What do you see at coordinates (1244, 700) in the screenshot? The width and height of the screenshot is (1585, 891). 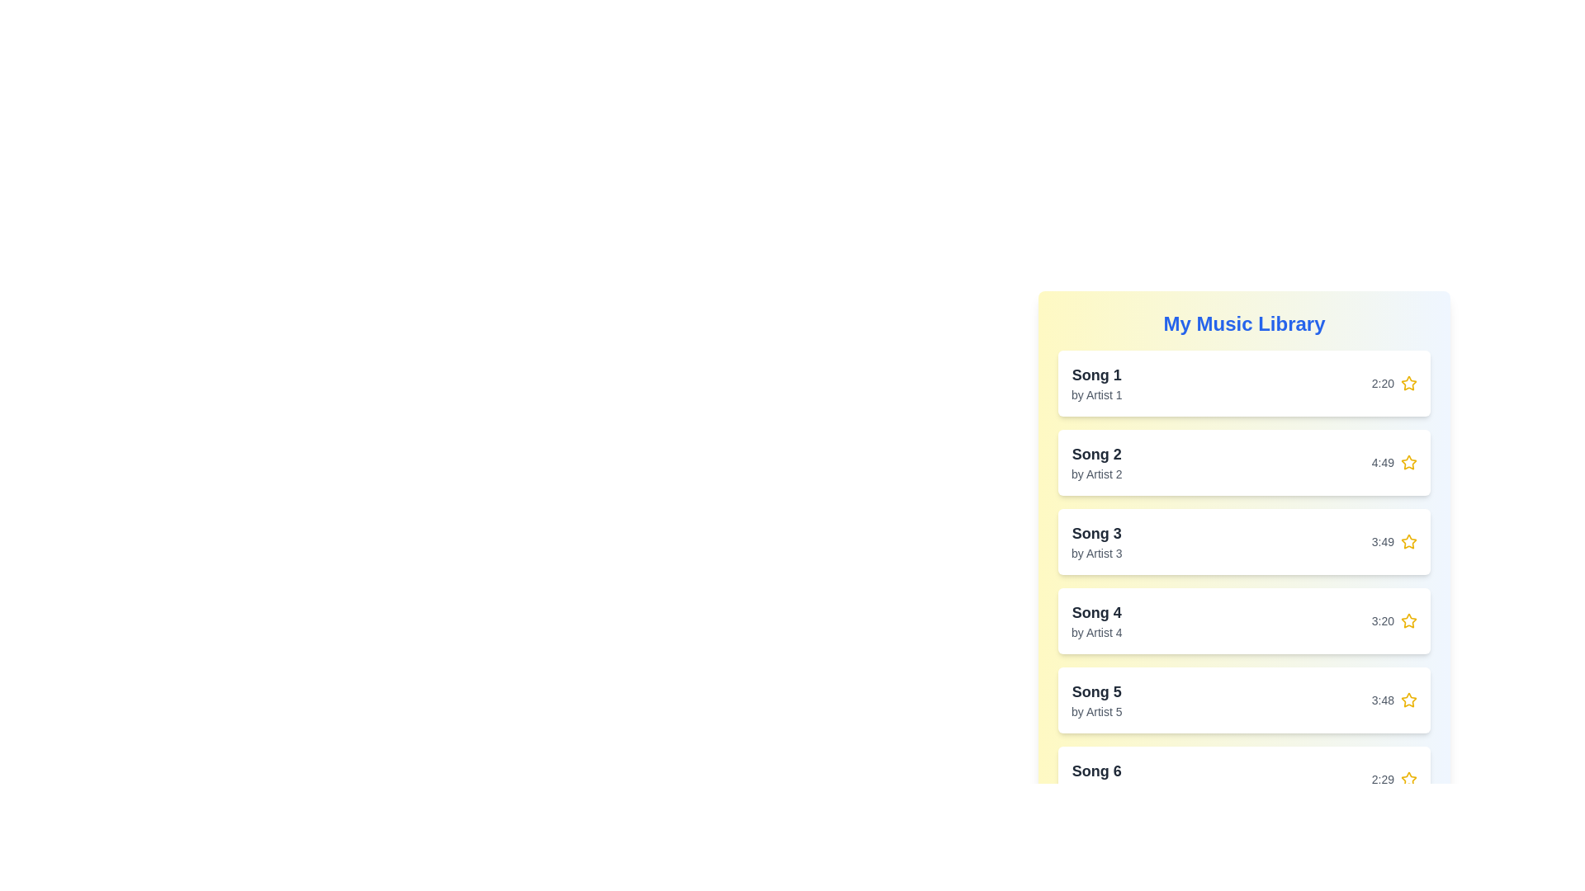 I see `song details displayed in the Content Block for 'Song 5' by 'Artist 5', which is the fifth item in the 'My Music Library' list` at bounding box center [1244, 700].